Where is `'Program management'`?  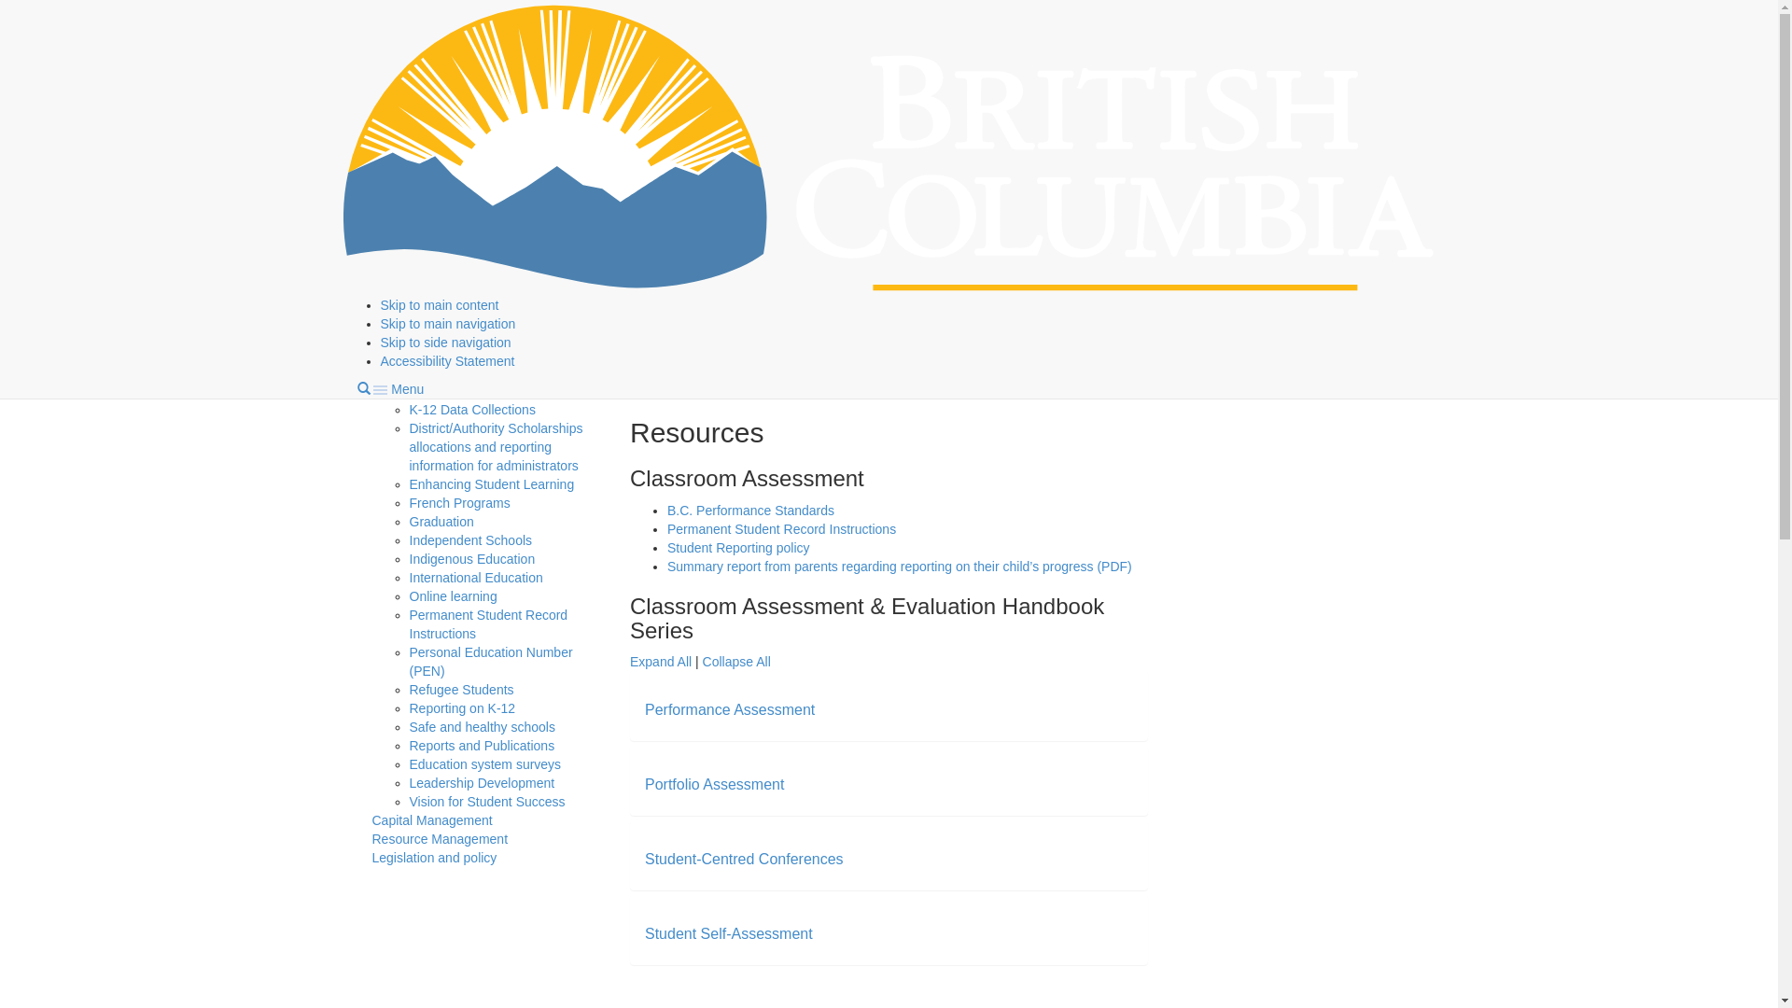
'Program management' is located at coordinates (912, 17).